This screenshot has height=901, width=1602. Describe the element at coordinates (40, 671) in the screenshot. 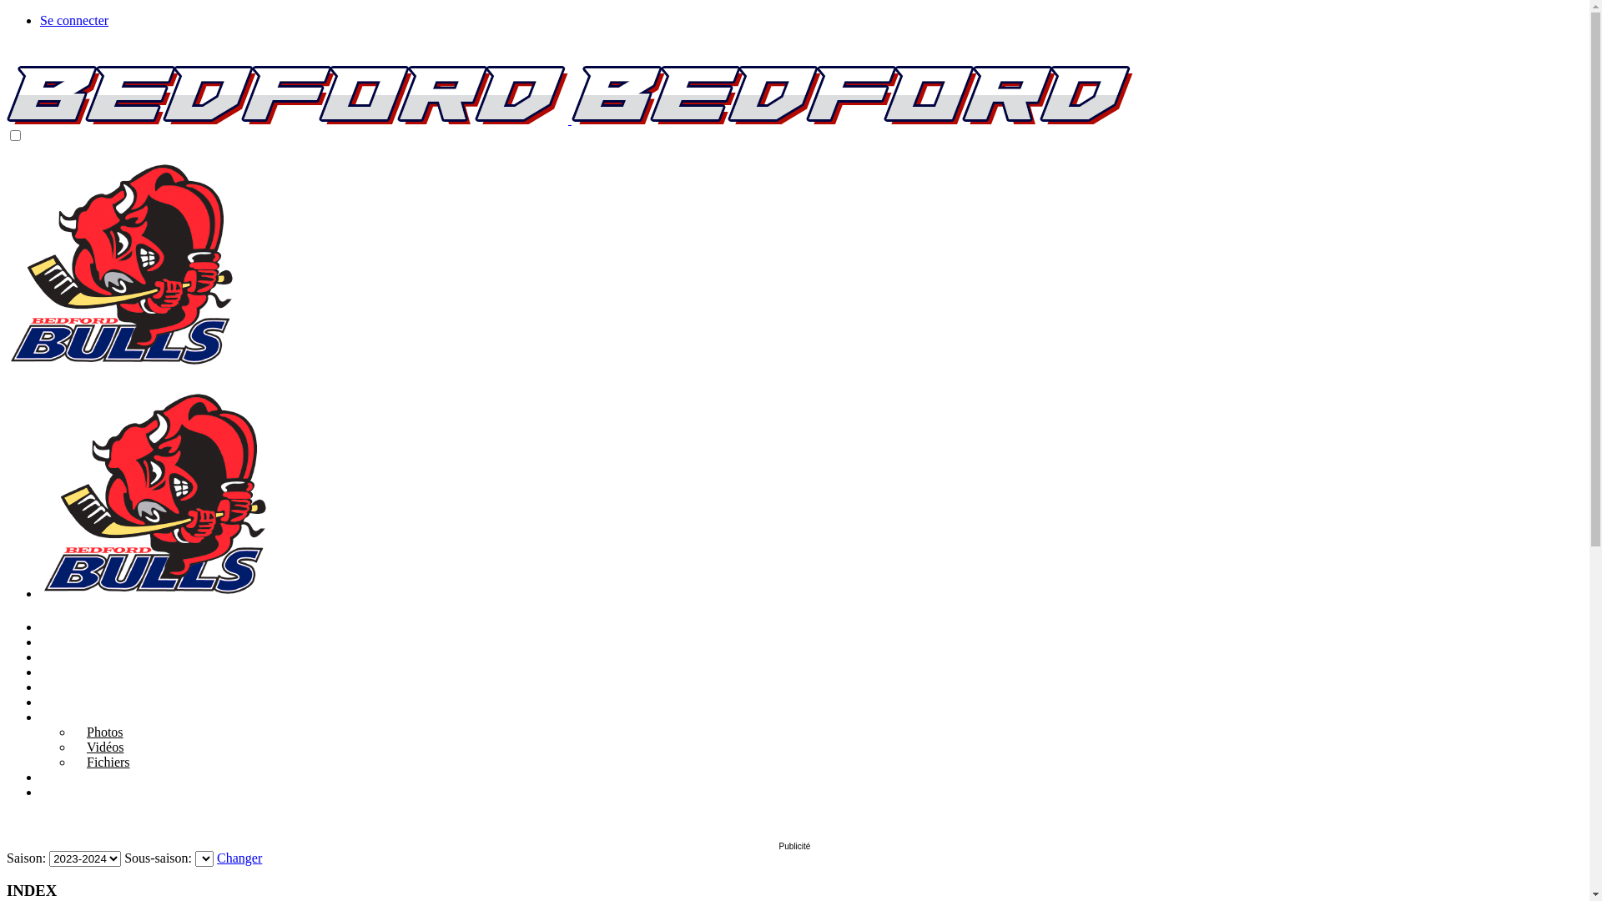

I see `'Tournoi Junior Allan Arless'` at that location.